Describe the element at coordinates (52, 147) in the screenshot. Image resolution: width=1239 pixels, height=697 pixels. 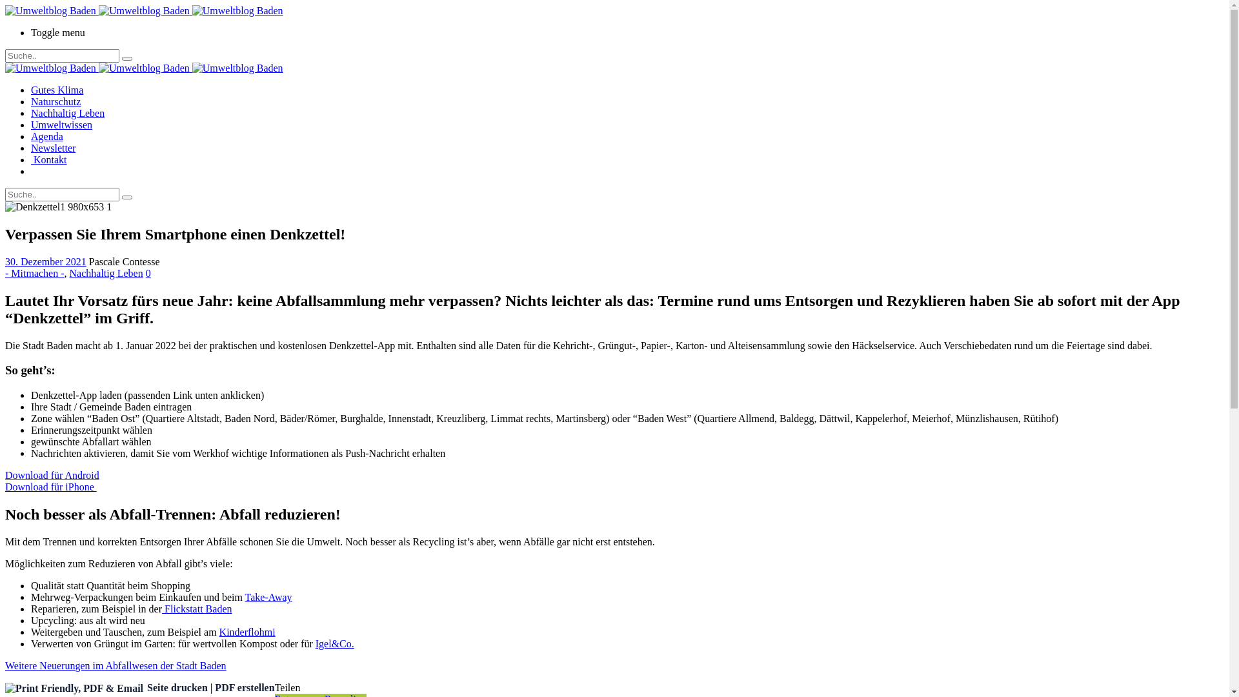
I see `'Newsletter'` at that location.